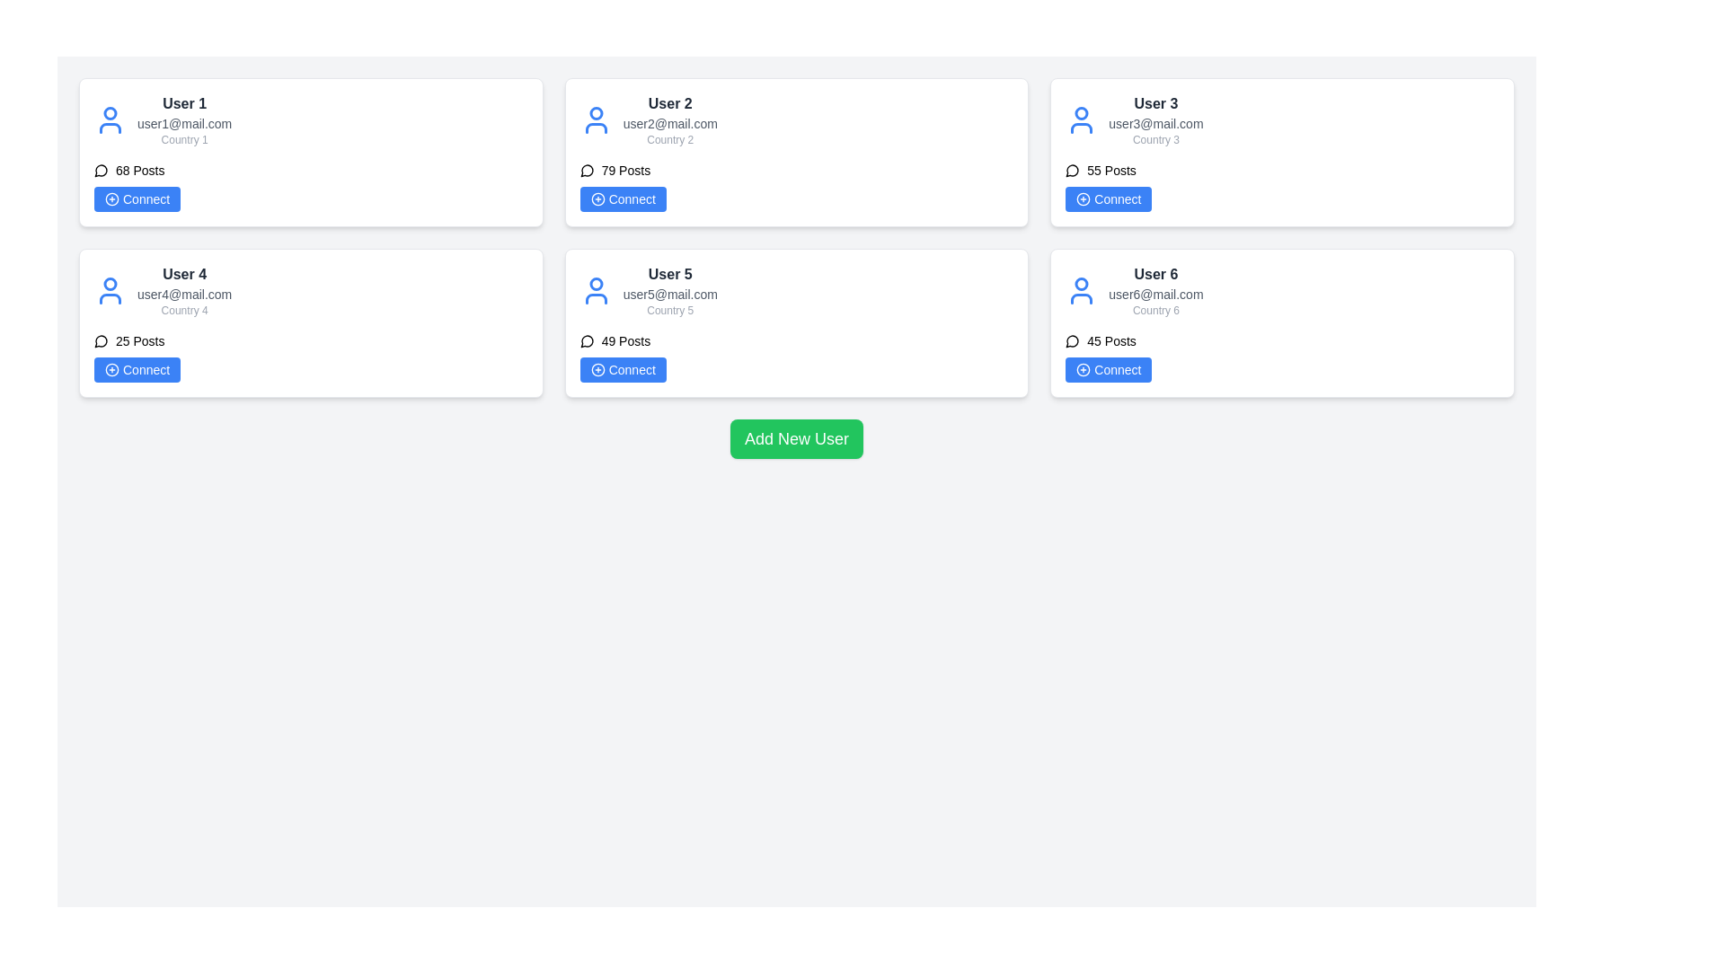 Image resolution: width=1725 pixels, height=970 pixels. Describe the element at coordinates (623, 369) in the screenshot. I see `the interactive button for connecting with 'User 5' located in the lower section of the card beneath the '49 Posts' text` at that location.